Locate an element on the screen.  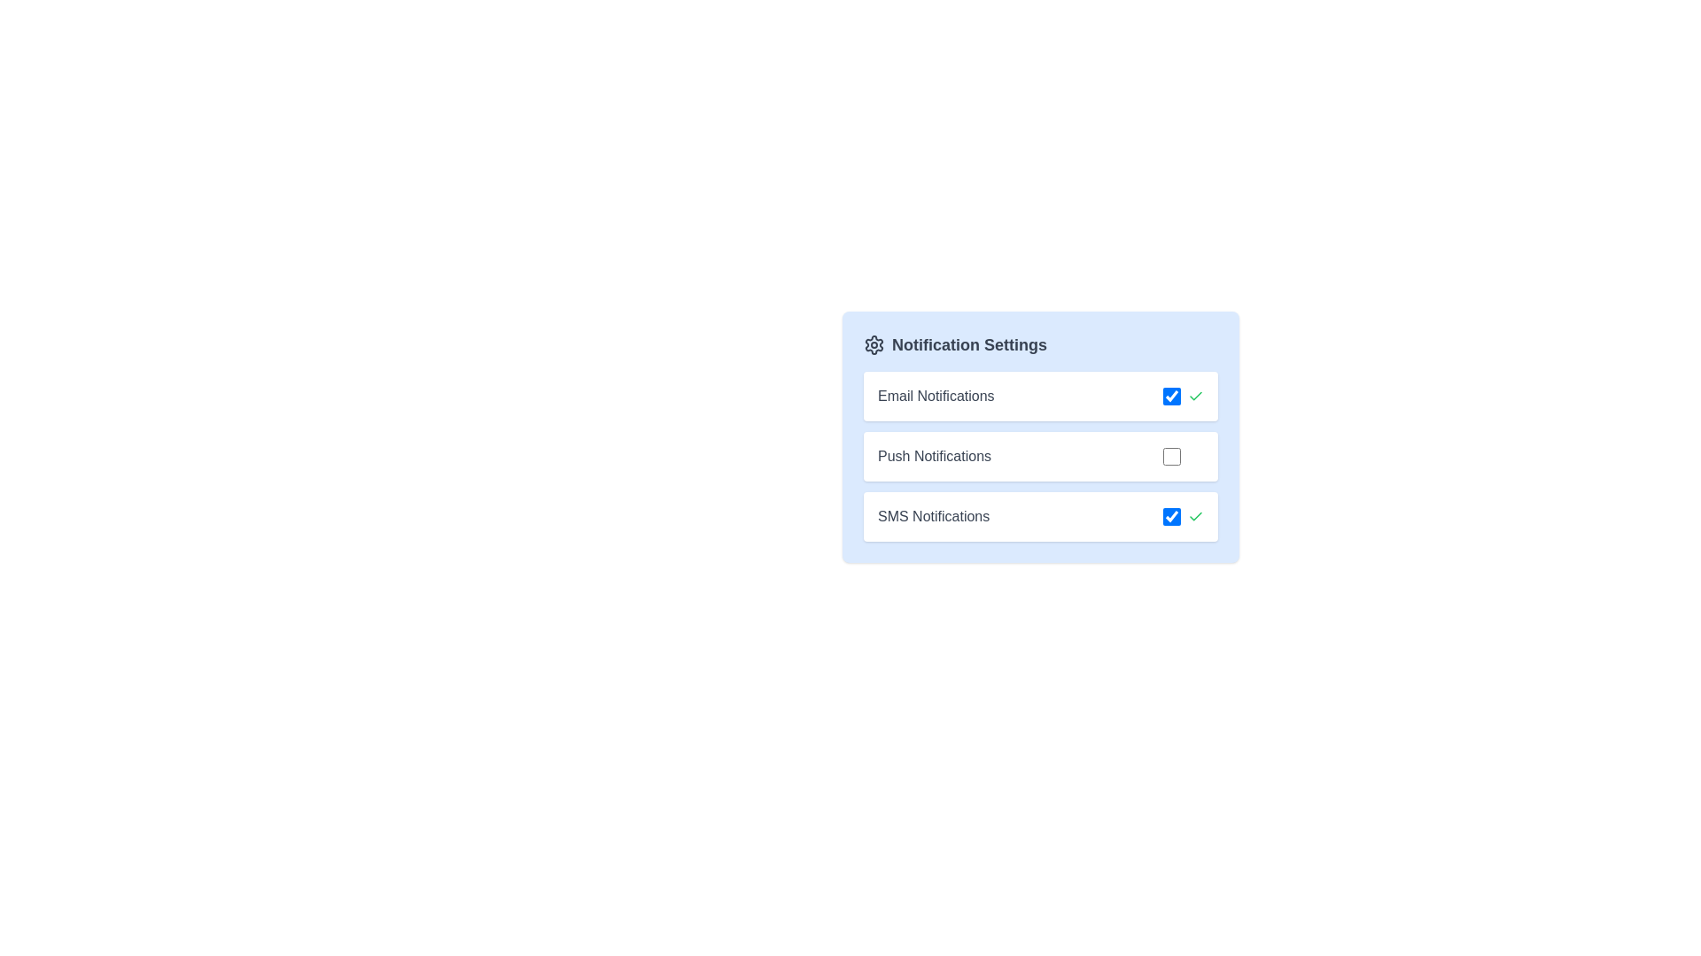
the text label indicating SMS notifications, which is the third element in the vertical list of notification options is located at coordinates (933, 516).